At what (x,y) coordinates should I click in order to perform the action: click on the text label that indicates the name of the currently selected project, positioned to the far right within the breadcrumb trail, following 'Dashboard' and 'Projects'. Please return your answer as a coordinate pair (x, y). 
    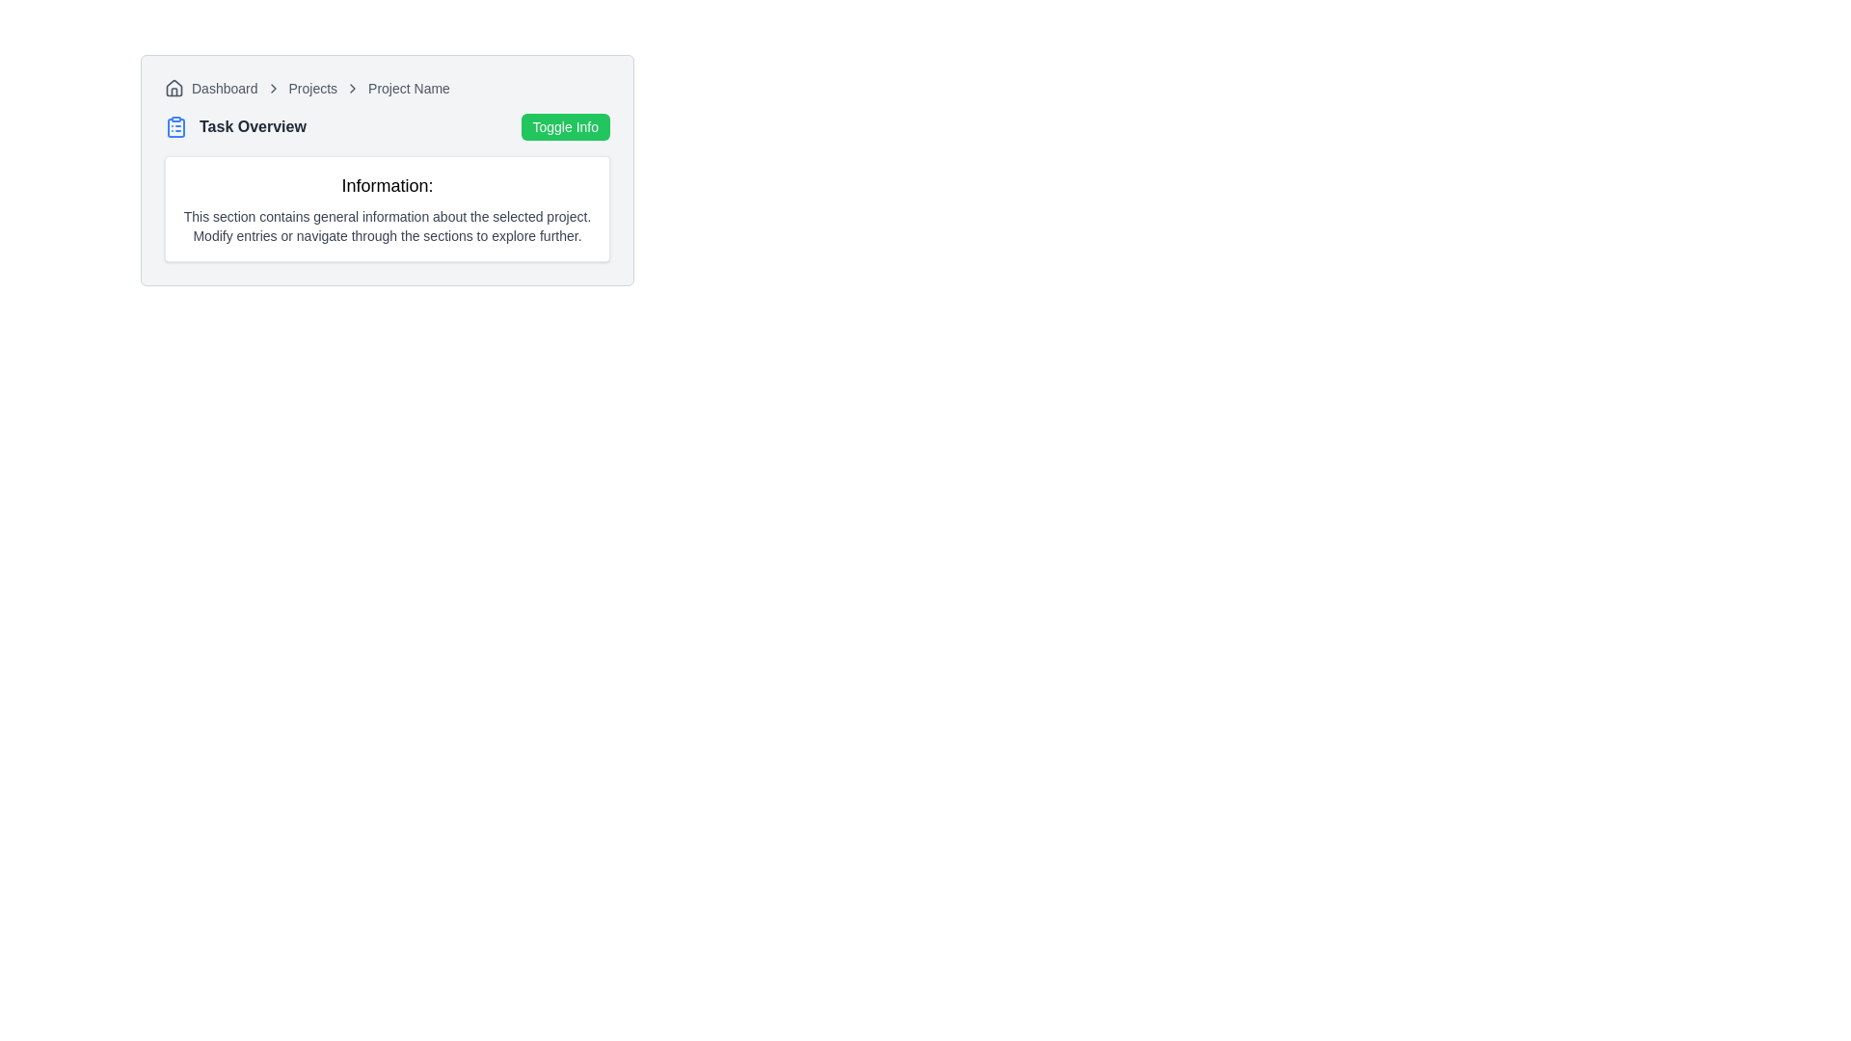
    Looking at the image, I should click on (408, 89).